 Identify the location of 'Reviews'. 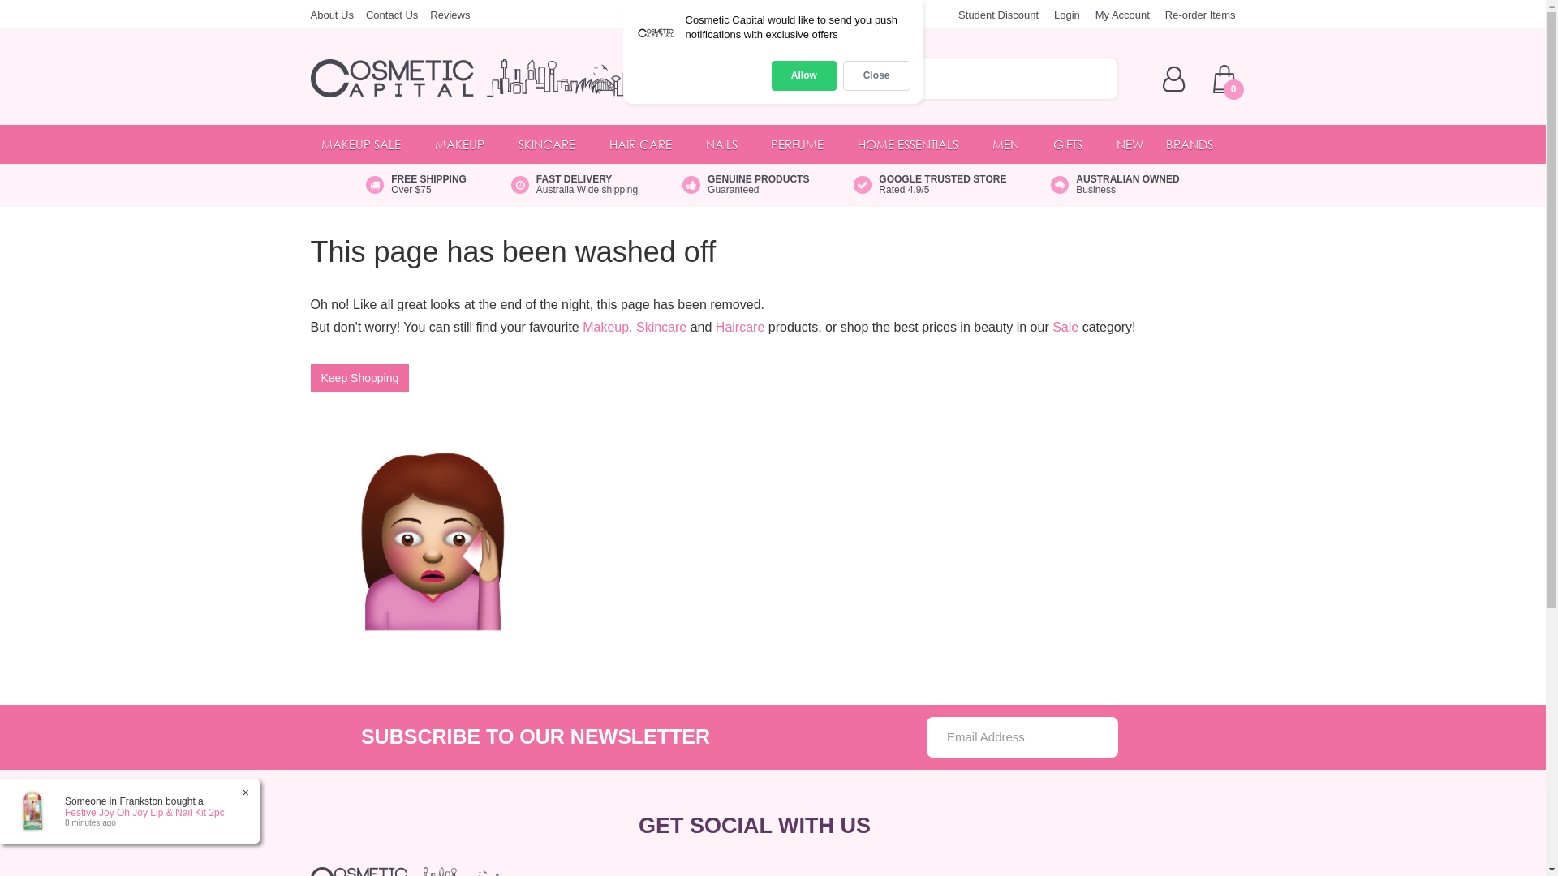
(450, 15).